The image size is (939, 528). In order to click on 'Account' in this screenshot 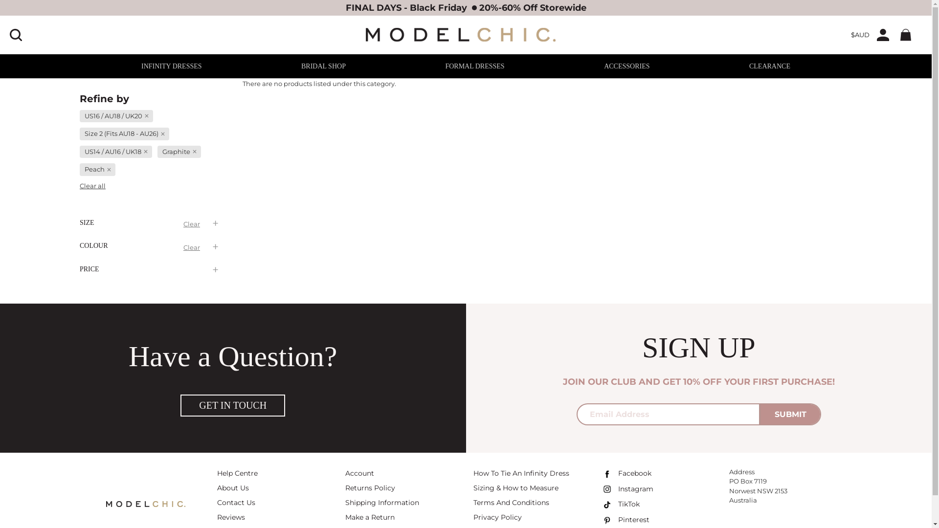, I will do `click(359, 474)`.